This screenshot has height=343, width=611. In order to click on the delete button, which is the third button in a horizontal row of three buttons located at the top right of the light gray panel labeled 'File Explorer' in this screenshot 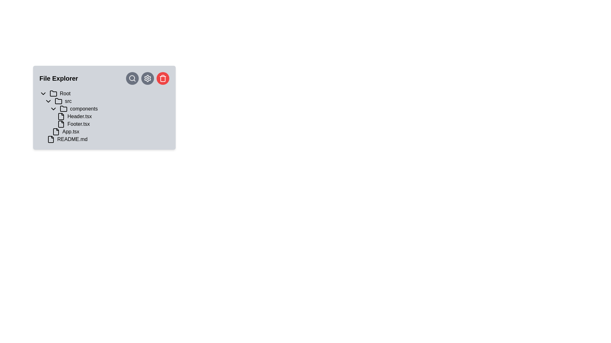, I will do `click(163, 78)`.